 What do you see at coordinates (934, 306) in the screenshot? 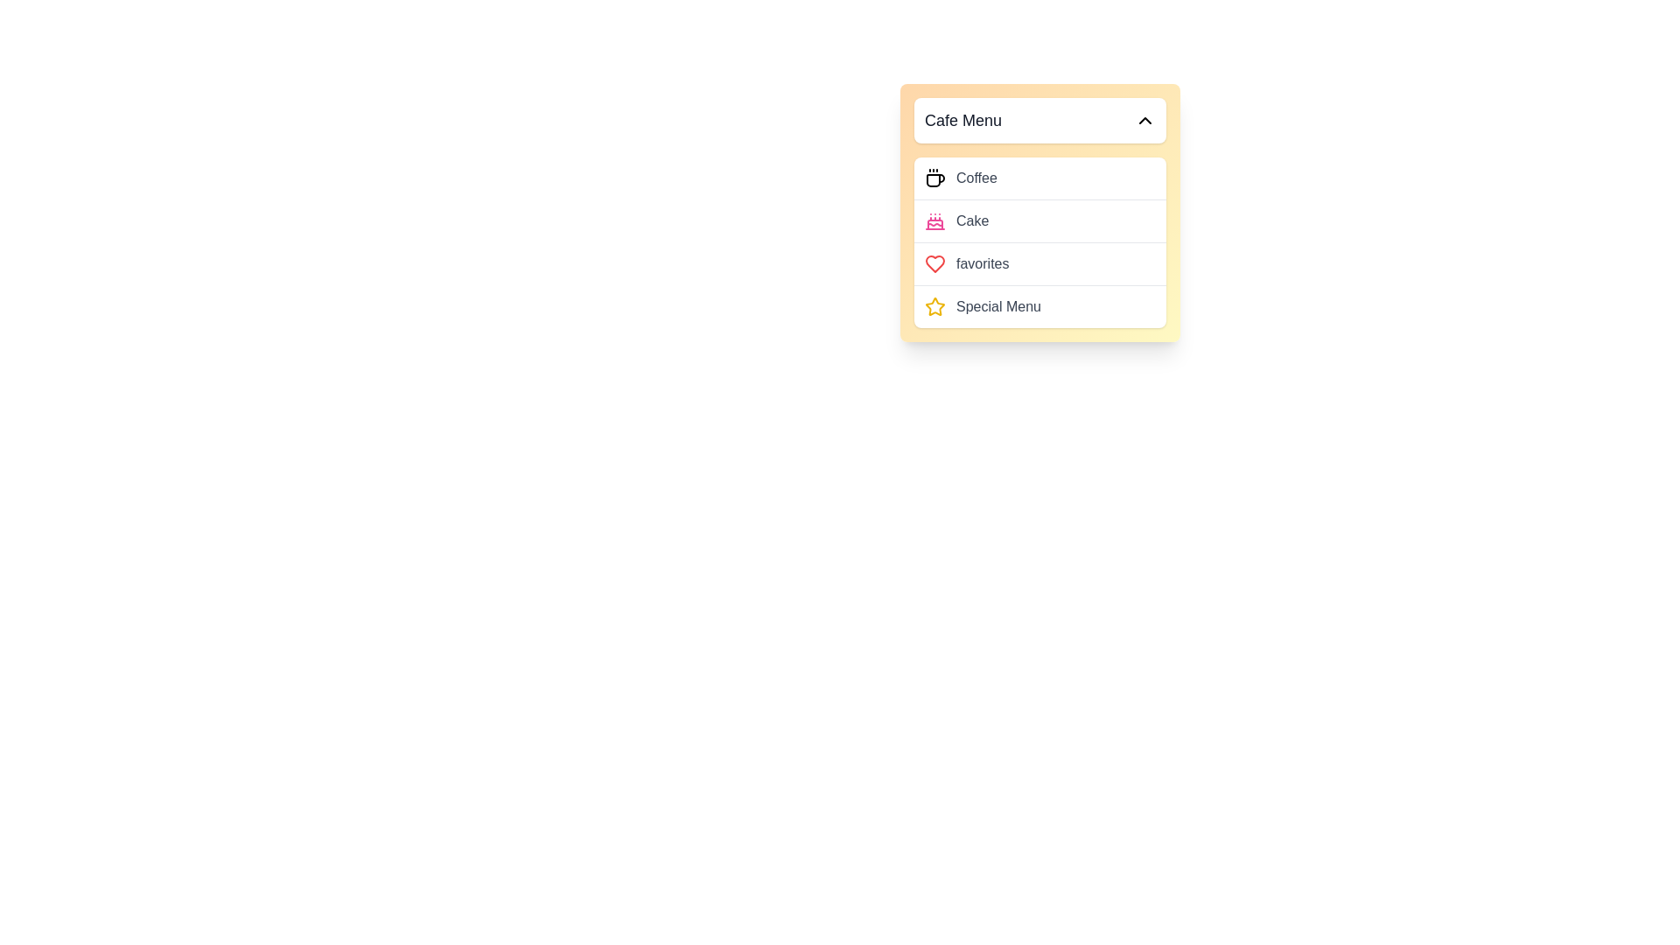
I see `the star-shaped icon with a yellow outline located to the left of the text 'Special Menu' in the fourth row of the dropdown list labeled 'Cafe Menu'` at bounding box center [934, 306].